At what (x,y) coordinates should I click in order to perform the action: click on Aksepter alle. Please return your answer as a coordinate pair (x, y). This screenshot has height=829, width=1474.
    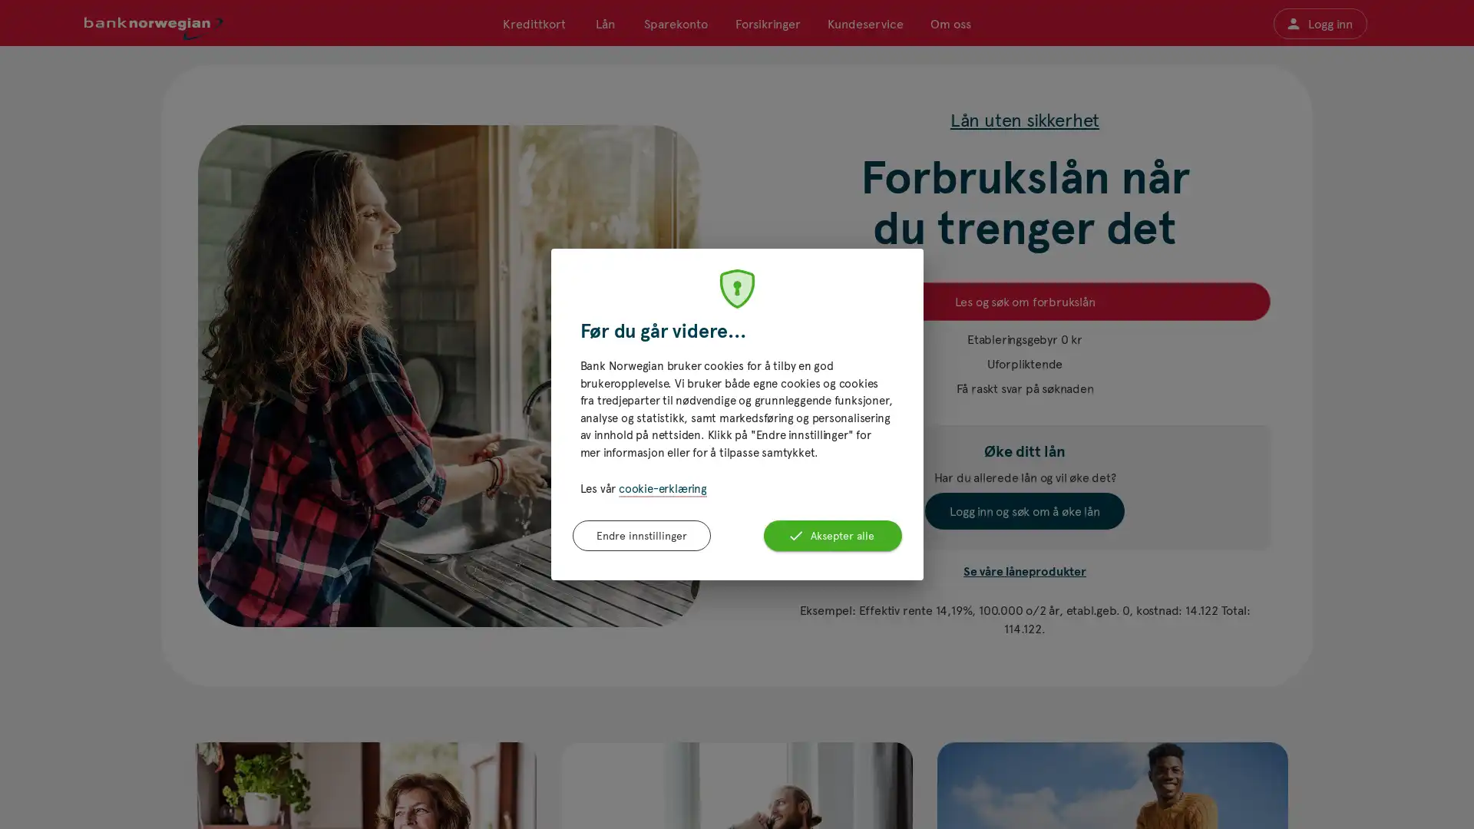
    Looking at the image, I should click on (831, 534).